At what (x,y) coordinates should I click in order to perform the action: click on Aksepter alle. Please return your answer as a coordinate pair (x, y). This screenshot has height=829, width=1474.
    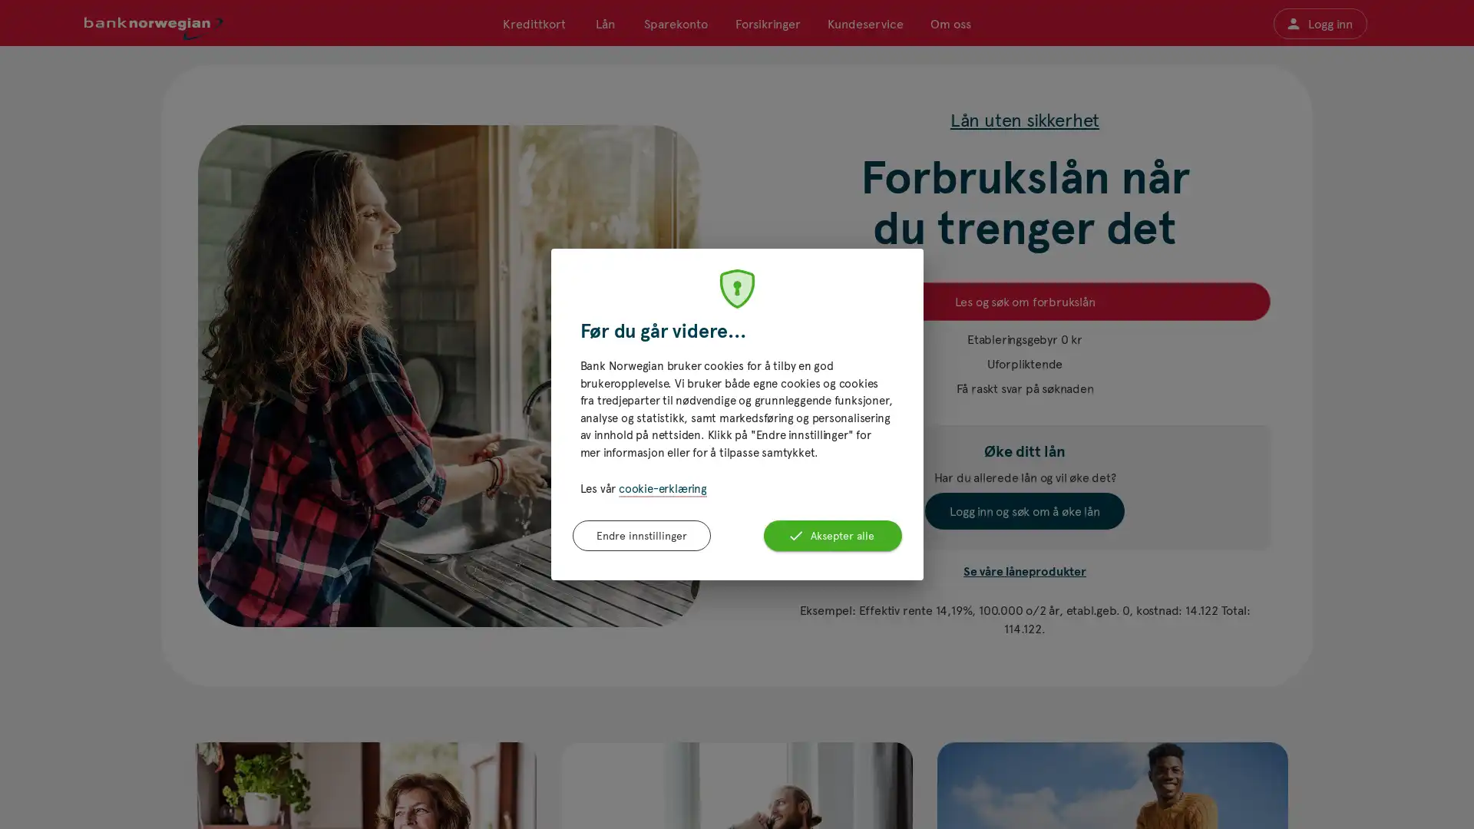
    Looking at the image, I should click on (831, 534).